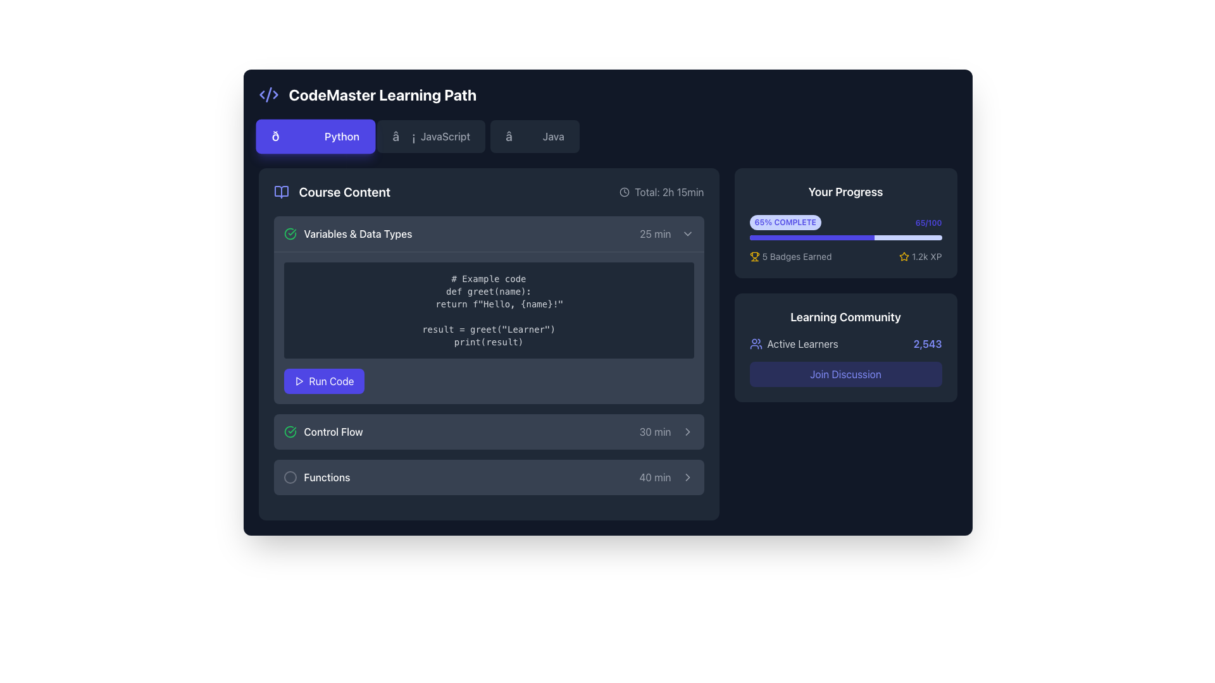 This screenshot has width=1215, height=683. What do you see at coordinates (344, 192) in the screenshot?
I see `the 'Course Content' text label which is displayed in bold white font against a dark background, serving as a section header near the top-left corner of the main content area` at bounding box center [344, 192].